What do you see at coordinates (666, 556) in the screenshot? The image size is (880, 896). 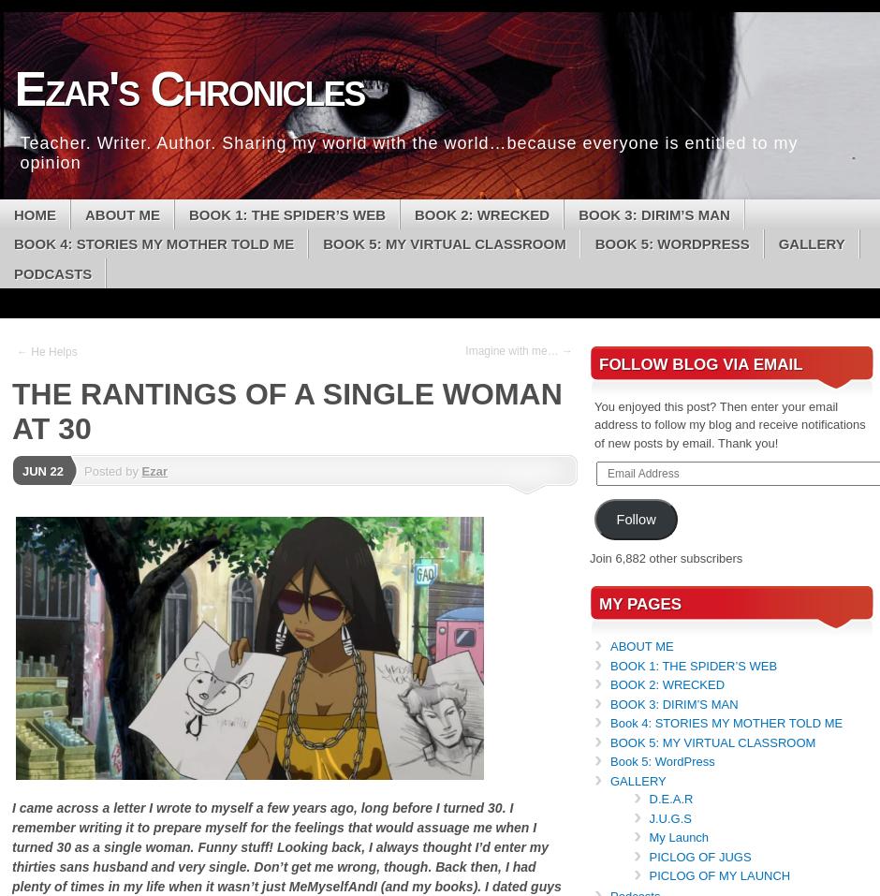 I see `'Join 6,882 other subscribers'` at bounding box center [666, 556].